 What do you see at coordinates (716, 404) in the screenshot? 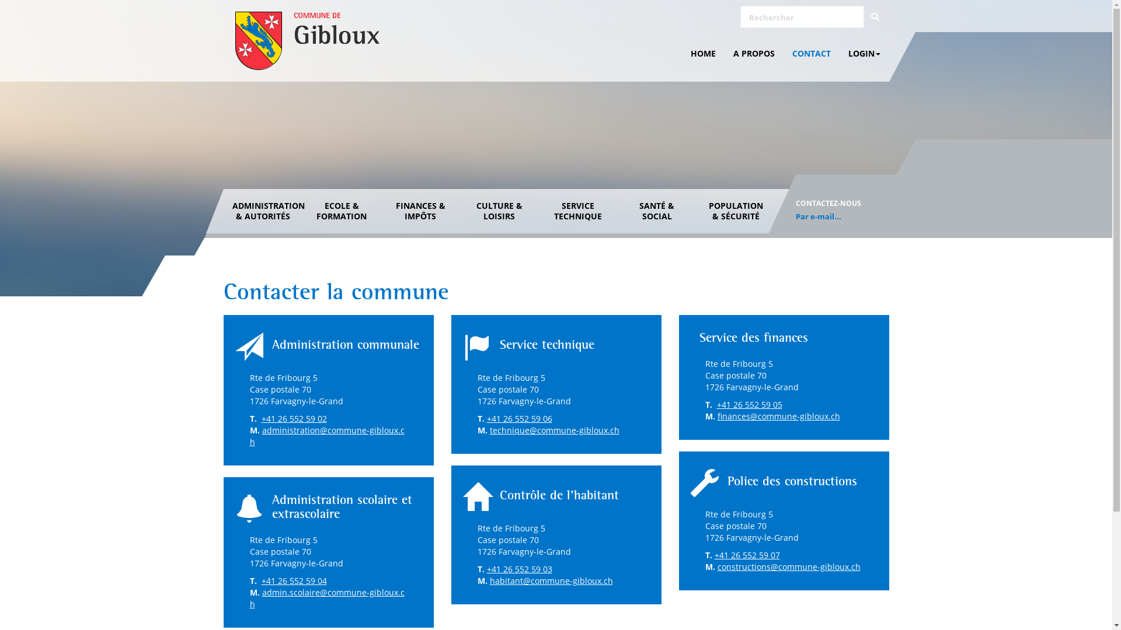
I see `'+41 26 552 59 05'` at bounding box center [716, 404].